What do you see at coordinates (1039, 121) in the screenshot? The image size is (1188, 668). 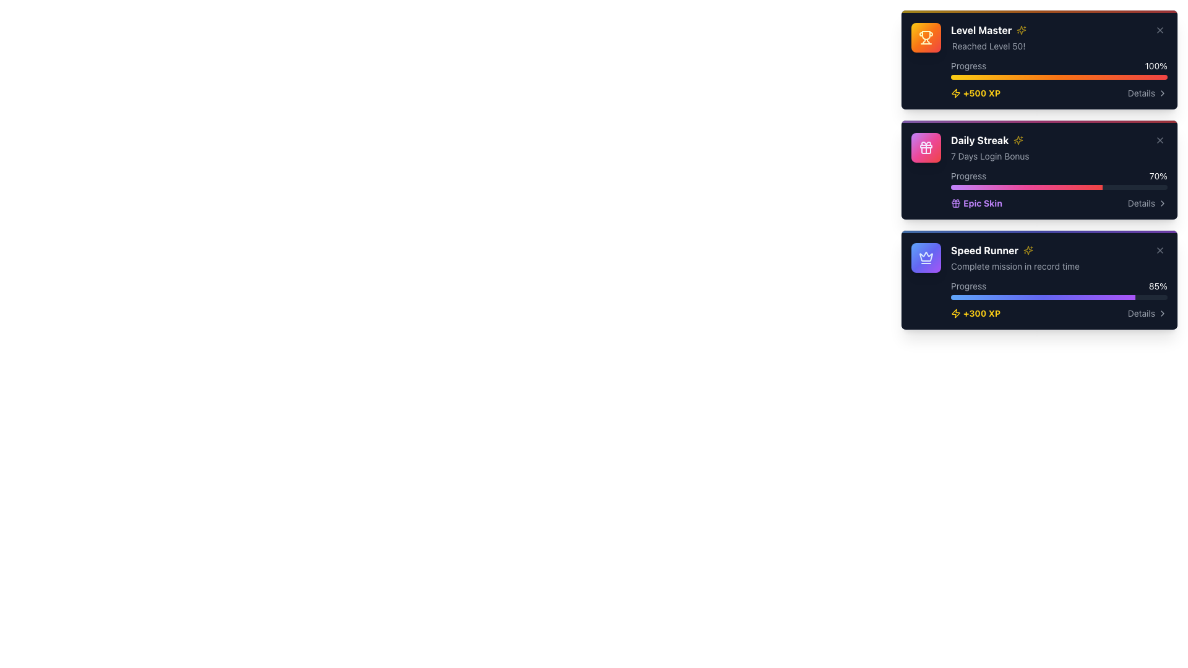 I see `the progress bar indicating 70% completion for the daily streak, located below the '7 Days Login Bonus' text` at bounding box center [1039, 121].